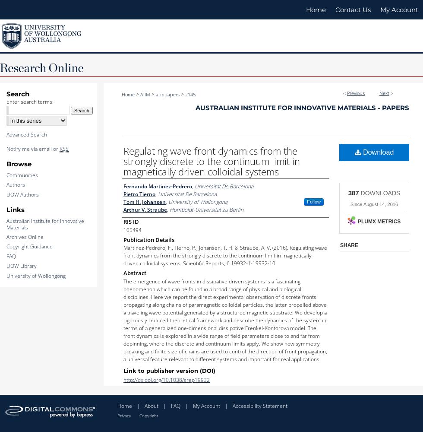  What do you see at coordinates (374, 204) in the screenshot?
I see `'Since August 14, 2016'` at bounding box center [374, 204].